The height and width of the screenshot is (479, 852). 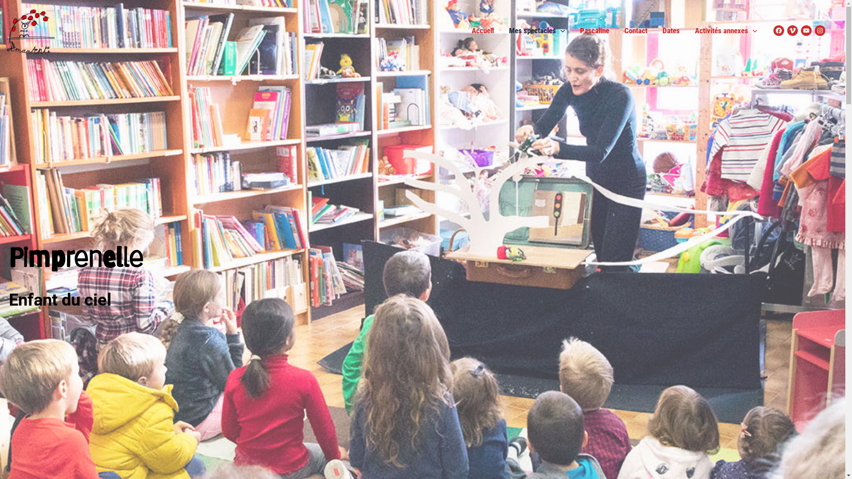 I want to click on 'Facebook', so click(x=778, y=30).